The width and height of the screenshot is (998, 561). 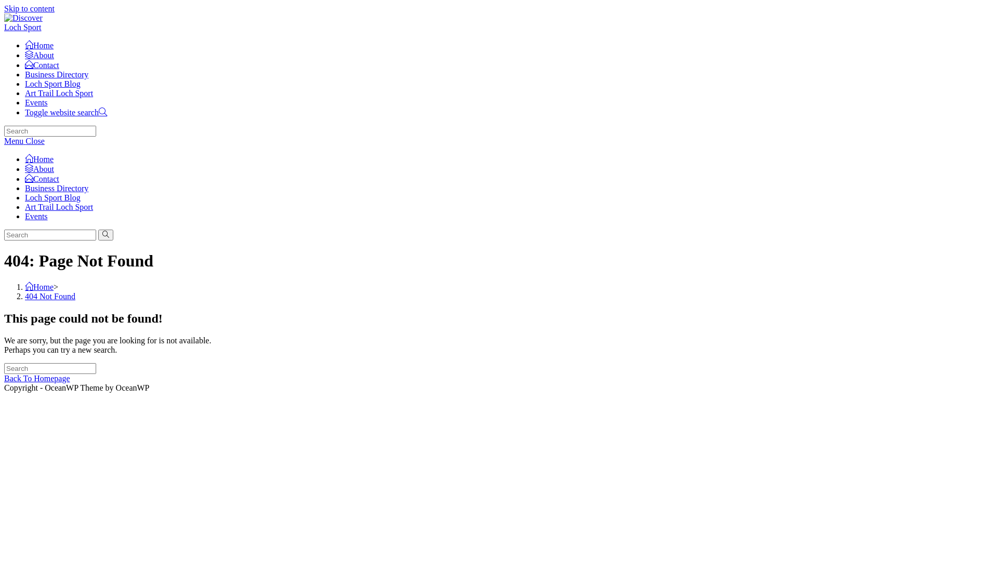 I want to click on 'About', so click(x=40, y=168).